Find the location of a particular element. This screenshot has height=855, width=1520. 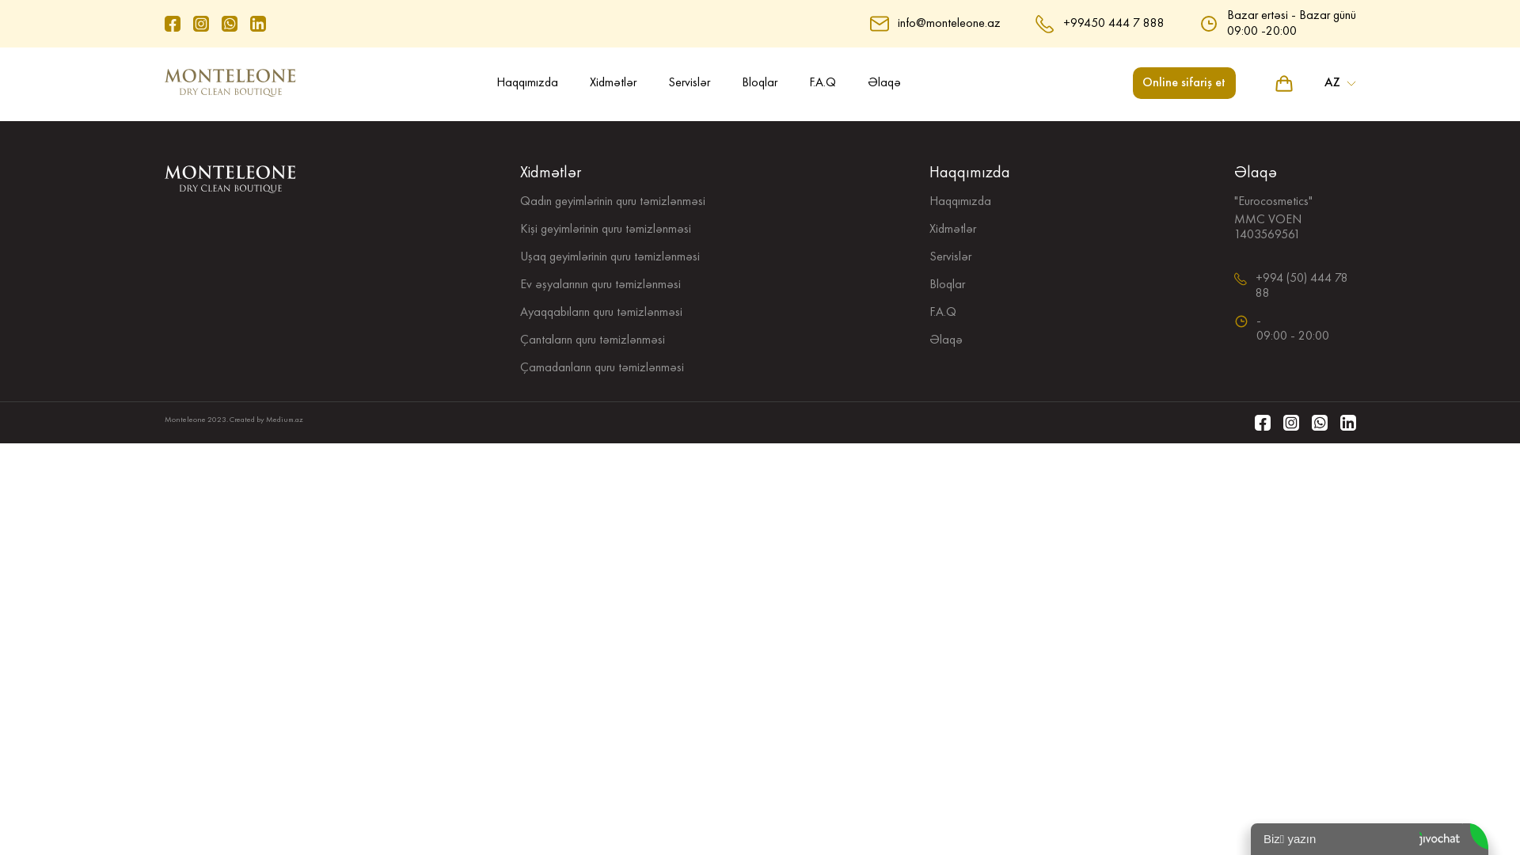

'info@monteleone.az' is located at coordinates (949, 23).